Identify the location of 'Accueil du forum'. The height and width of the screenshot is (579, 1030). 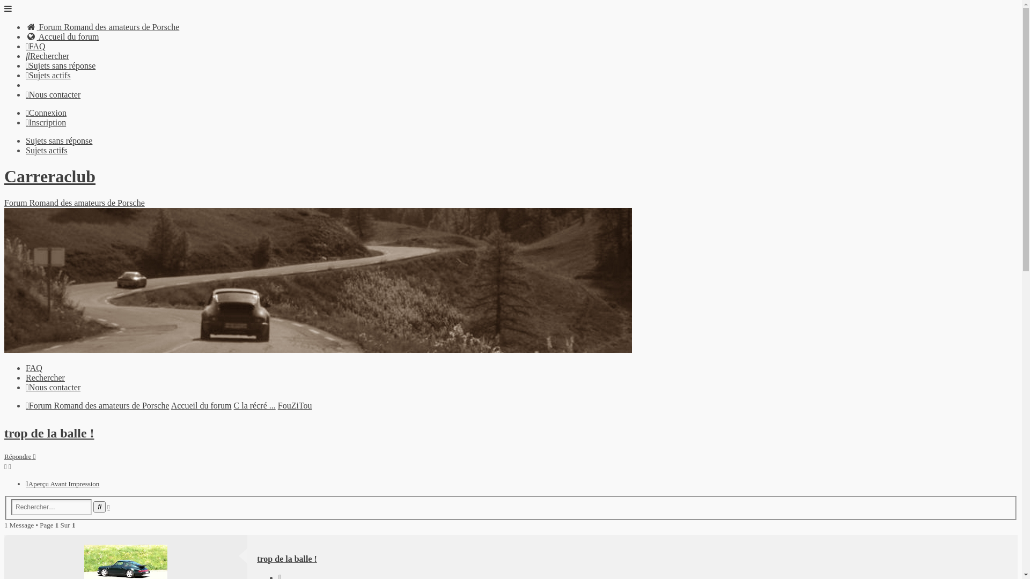
(62, 36).